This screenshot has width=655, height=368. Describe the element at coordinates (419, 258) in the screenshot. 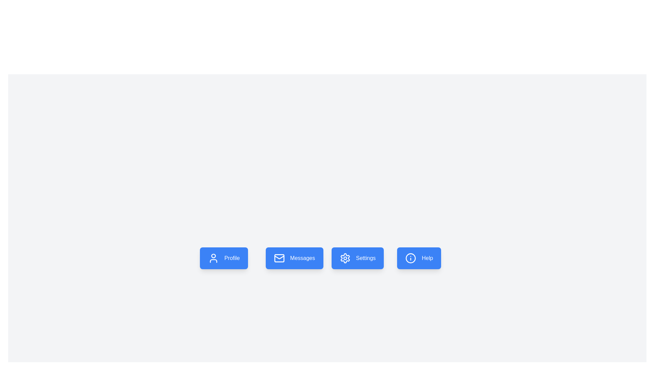

I see `the 'Help' button located at the bottom-center of the interface` at that location.